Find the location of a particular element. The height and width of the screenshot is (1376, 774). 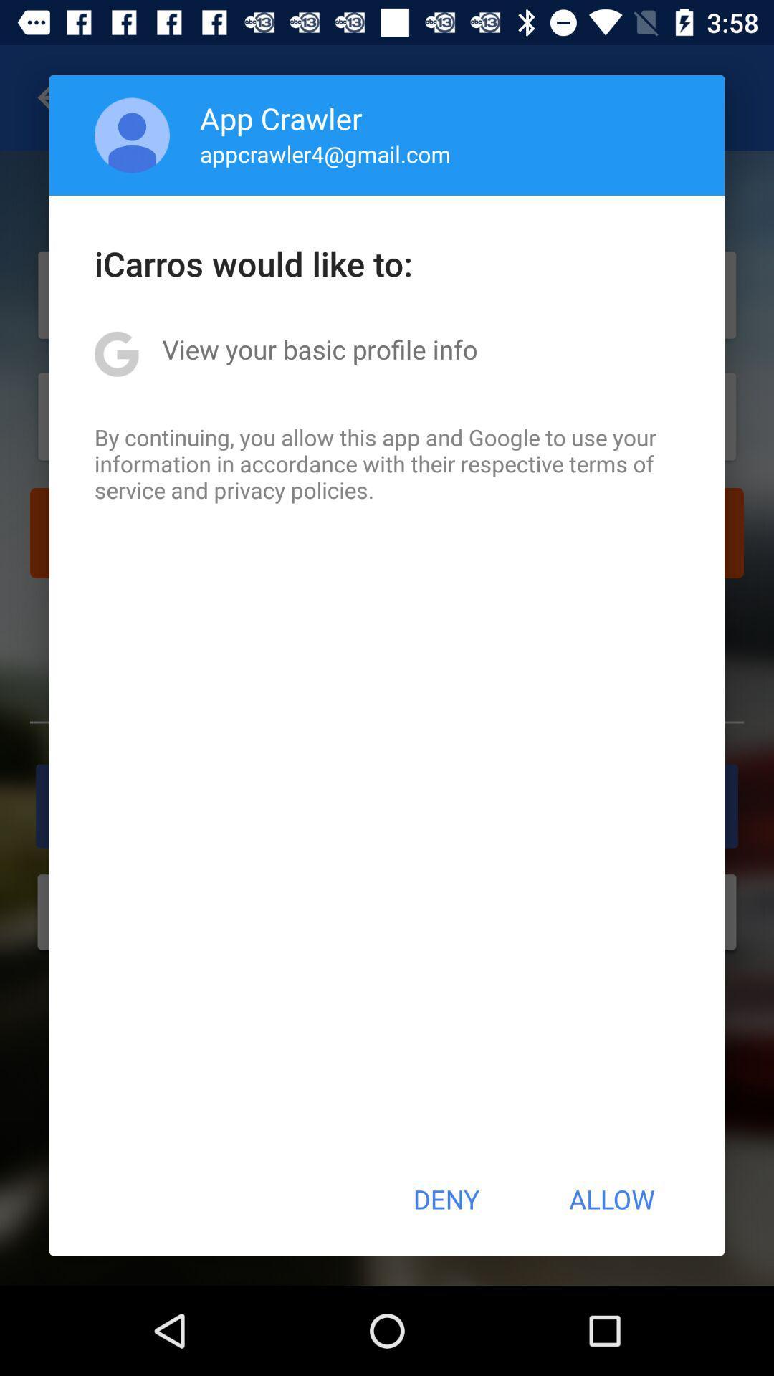

the app below the app crawler app is located at coordinates (325, 153).